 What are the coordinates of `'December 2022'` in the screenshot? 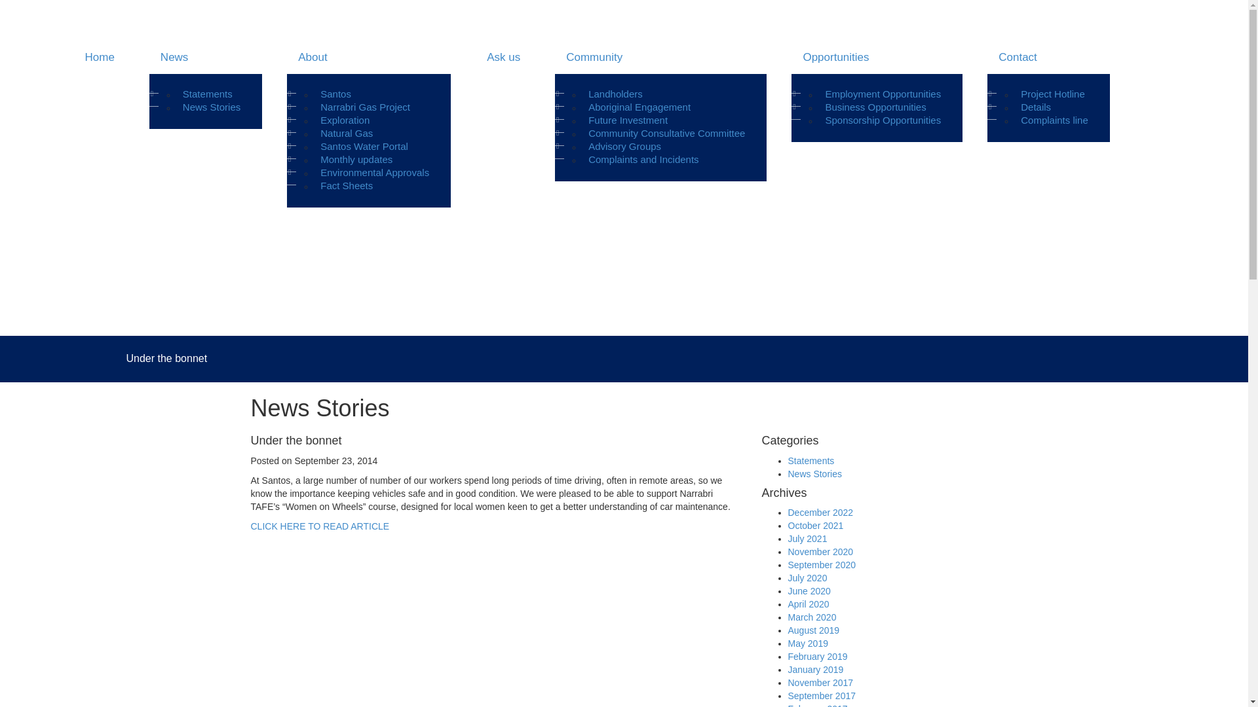 It's located at (820, 512).